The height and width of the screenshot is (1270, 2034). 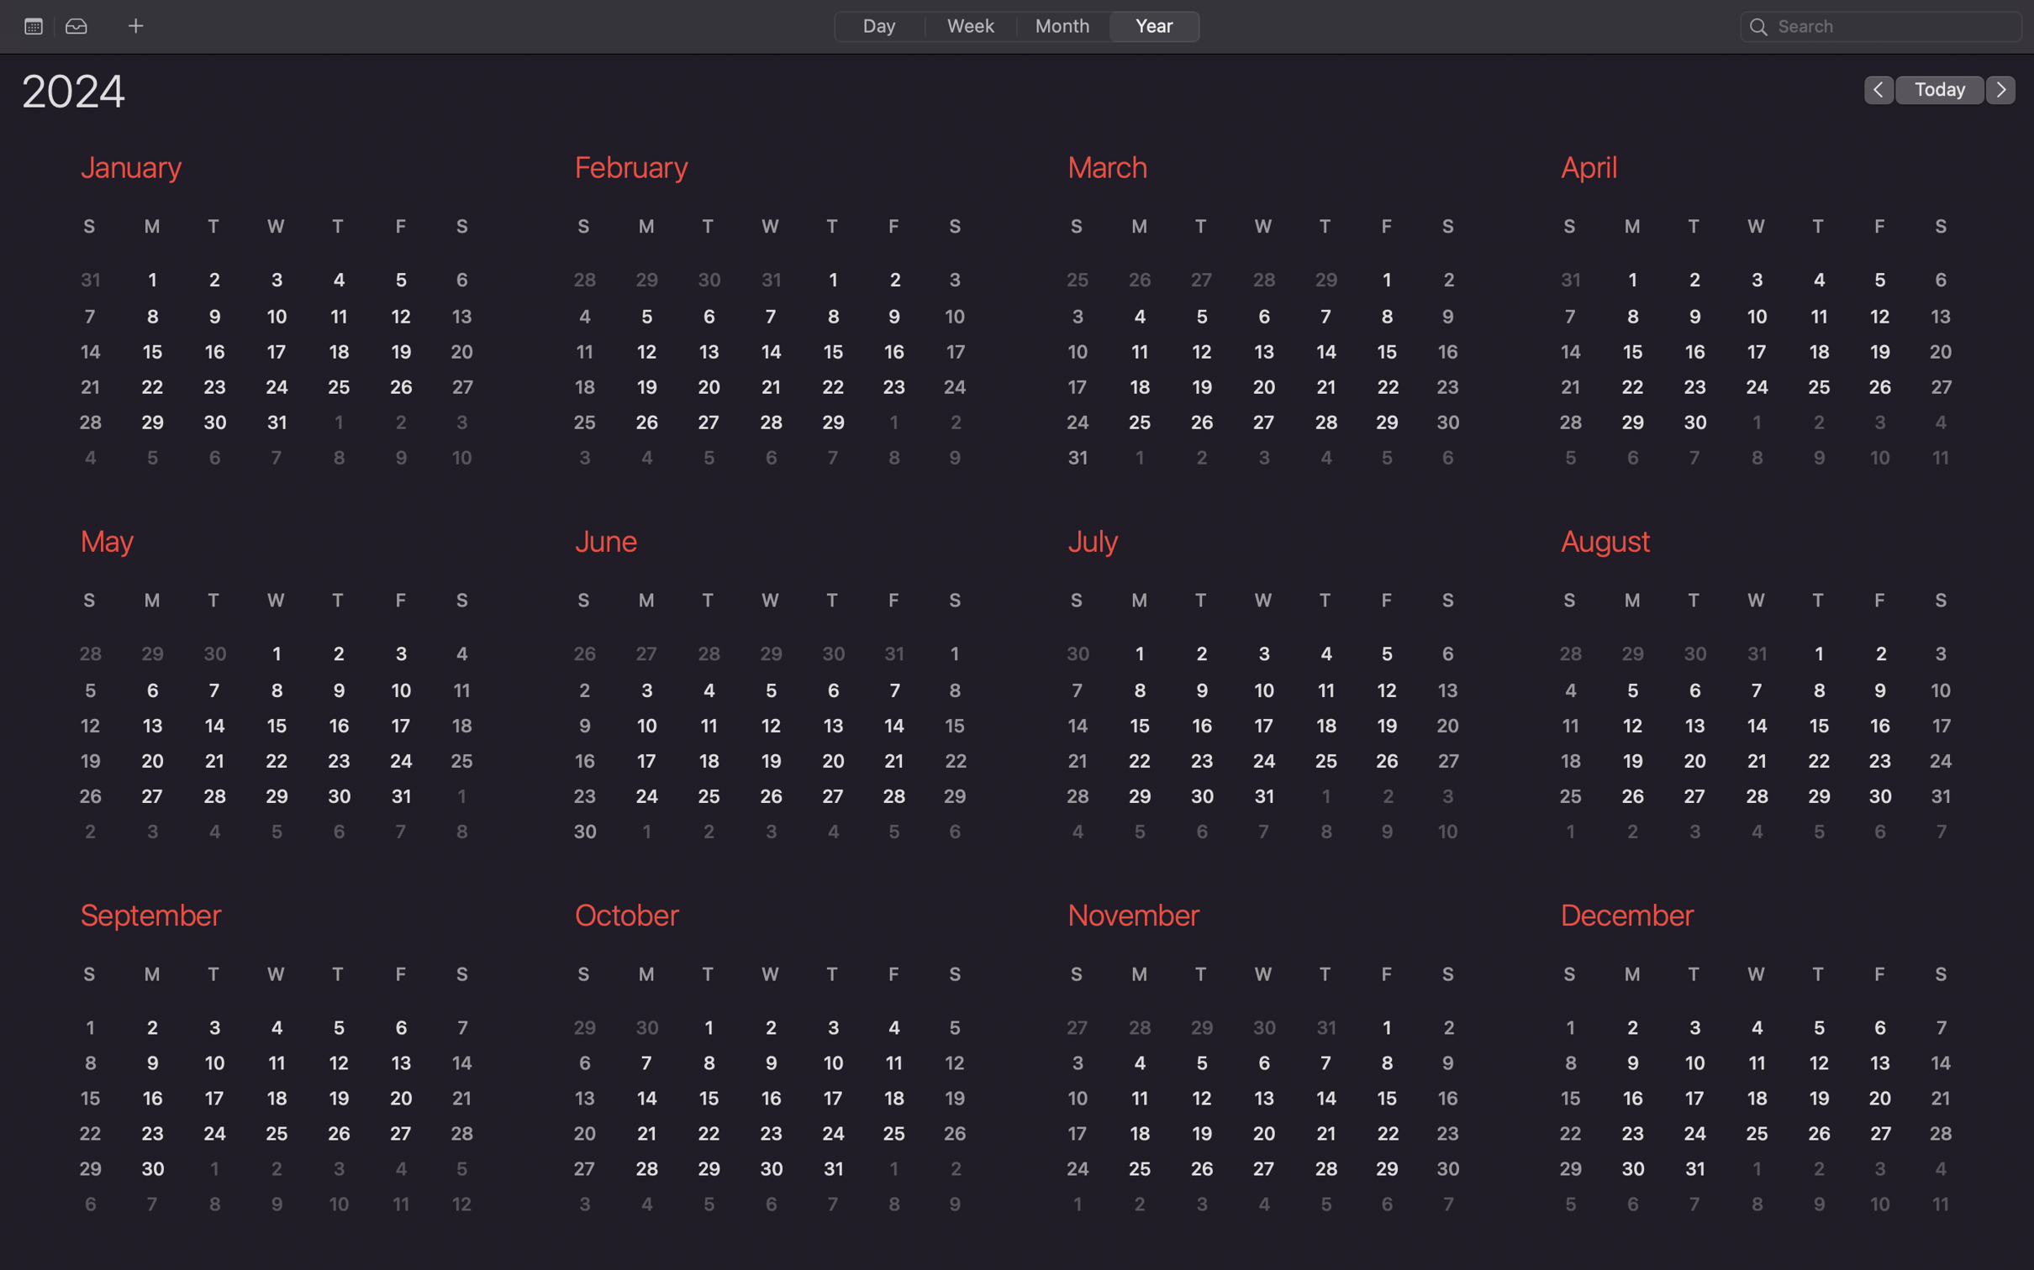 What do you see at coordinates (766, 316) in the screenshot?
I see `the February section of the calendar to check scheduled tasks` at bounding box center [766, 316].